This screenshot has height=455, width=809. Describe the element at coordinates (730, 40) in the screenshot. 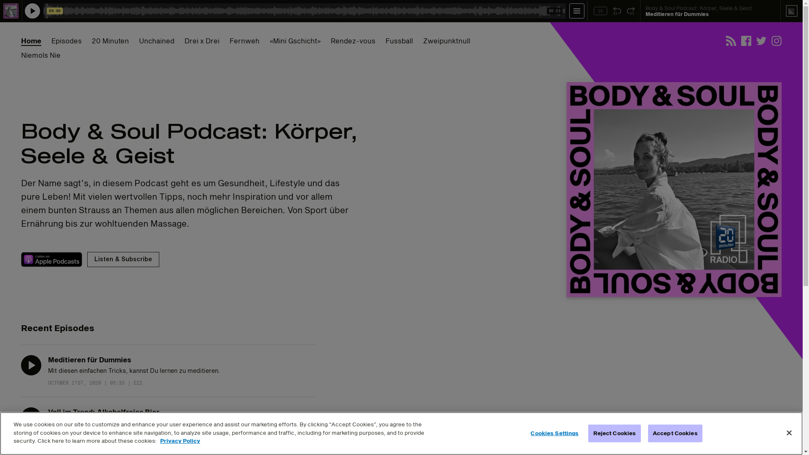

I see `'RSS'` at that location.